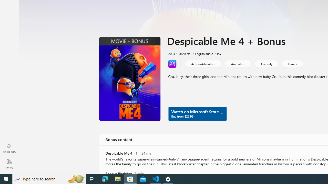 The width and height of the screenshot is (328, 184). I want to click on 'Learn more about Movies Anywhere', so click(172, 63).